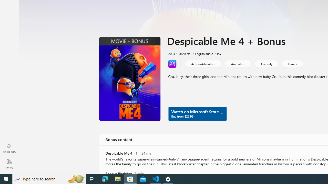 The width and height of the screenshot is (328, 184). I want to click on 'Learn more about Movies Anywhere', so click(172, 63).